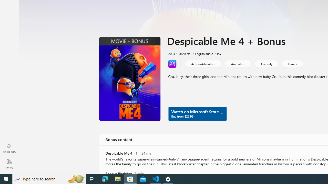 The width and height of the screenshot is (328, 184). I want to click on 'Learn more about Movies Anywhere', so click(172, 63).